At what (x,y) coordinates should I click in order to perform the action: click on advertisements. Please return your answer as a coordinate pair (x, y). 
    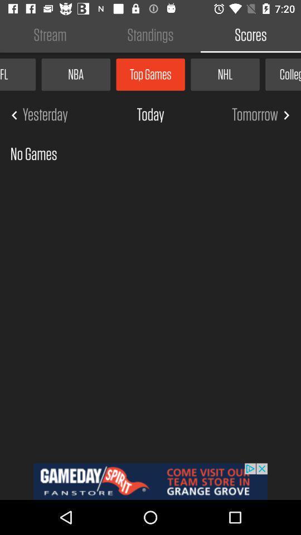
    Looking at the image, I should click on (151, 481).